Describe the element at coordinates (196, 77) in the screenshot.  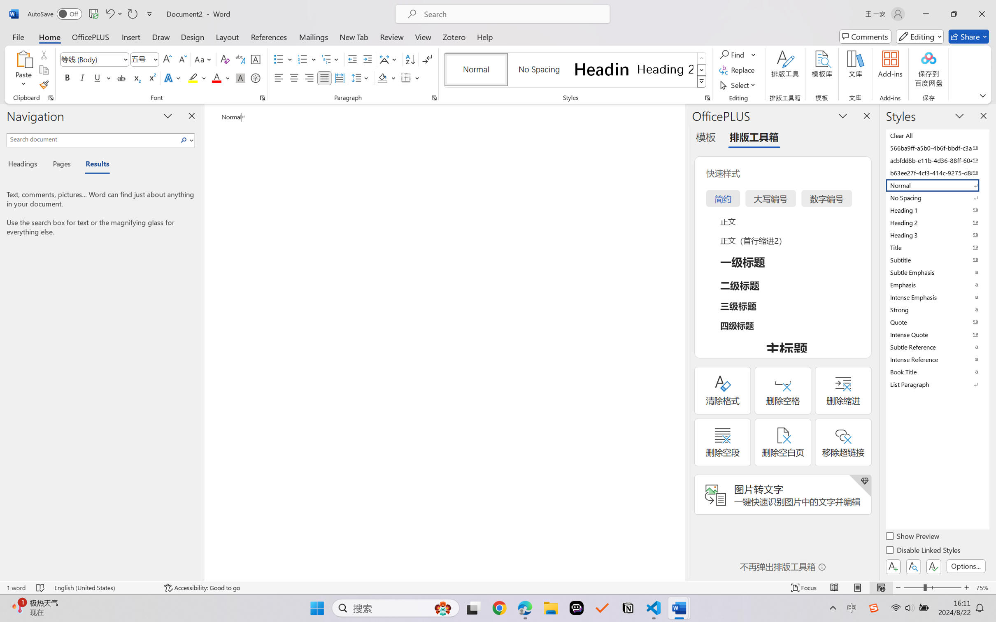
I see `'Text Highlight Color'` at that location.